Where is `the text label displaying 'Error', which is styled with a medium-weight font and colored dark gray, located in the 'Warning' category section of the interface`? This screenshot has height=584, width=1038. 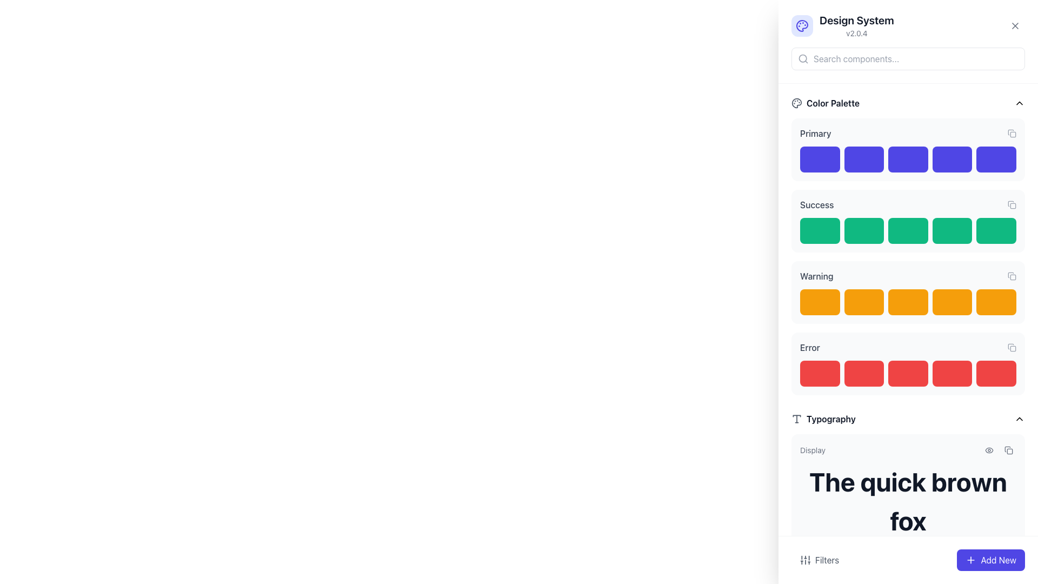
the text label displaying 'Error', which is styled with a medium-weight font and colored dark gray, located in the 'Warning' category section of the interface is located at coordinates (810, 348).